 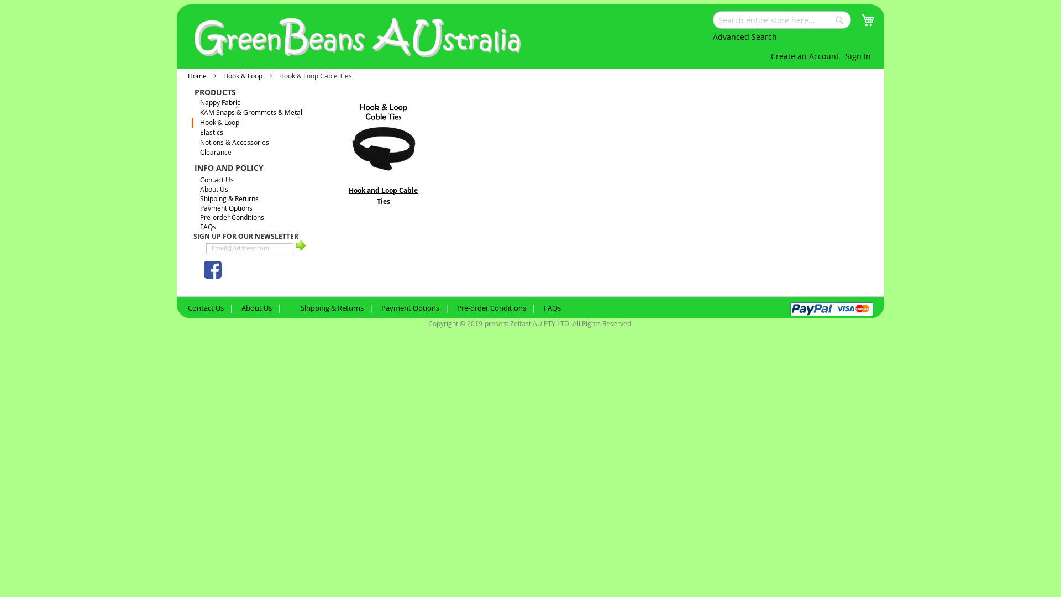 What do you see at coordinates (247, 115) in the screenshot?
I see `'KAM Snaps & Grommets & Metal'` at bounding box center [247, 115].